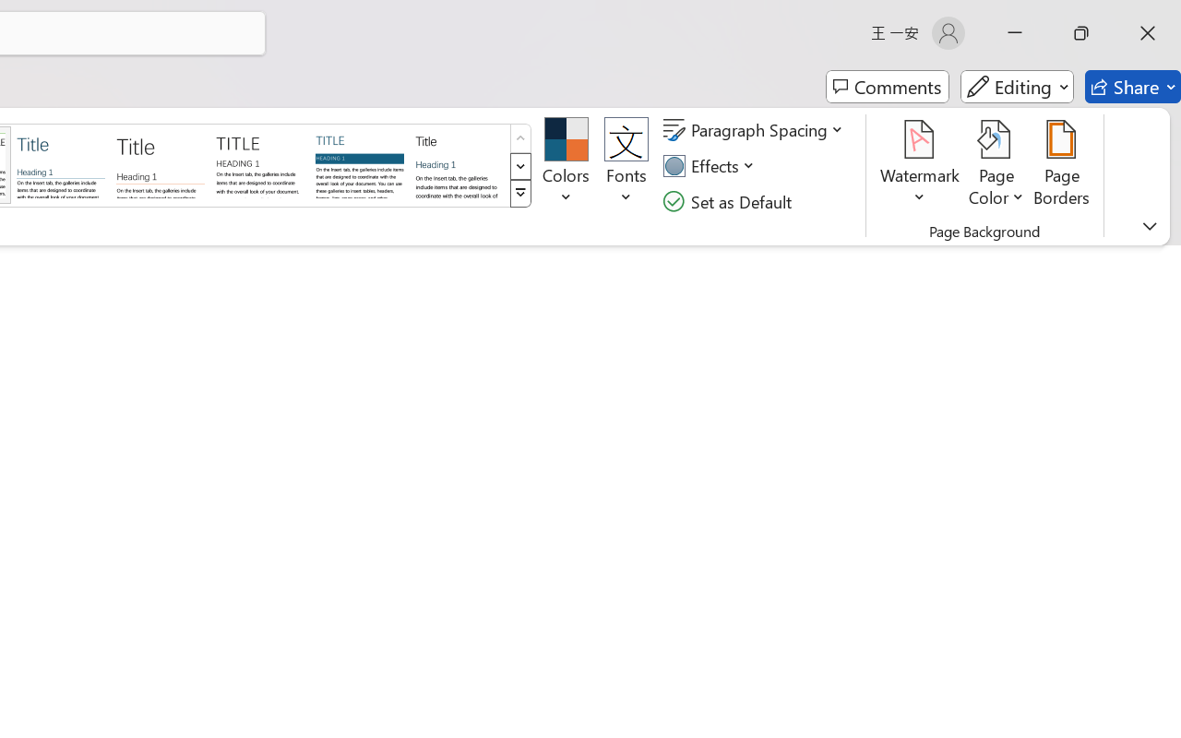  Describe the element at coordinates (1081, 32) in the screenshot. I see `'Restore Down'` at that location.